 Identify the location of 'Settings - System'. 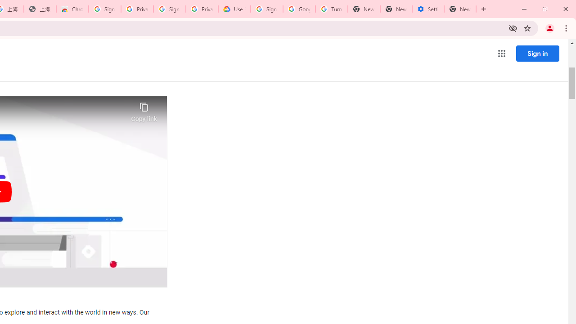
(427, 9).